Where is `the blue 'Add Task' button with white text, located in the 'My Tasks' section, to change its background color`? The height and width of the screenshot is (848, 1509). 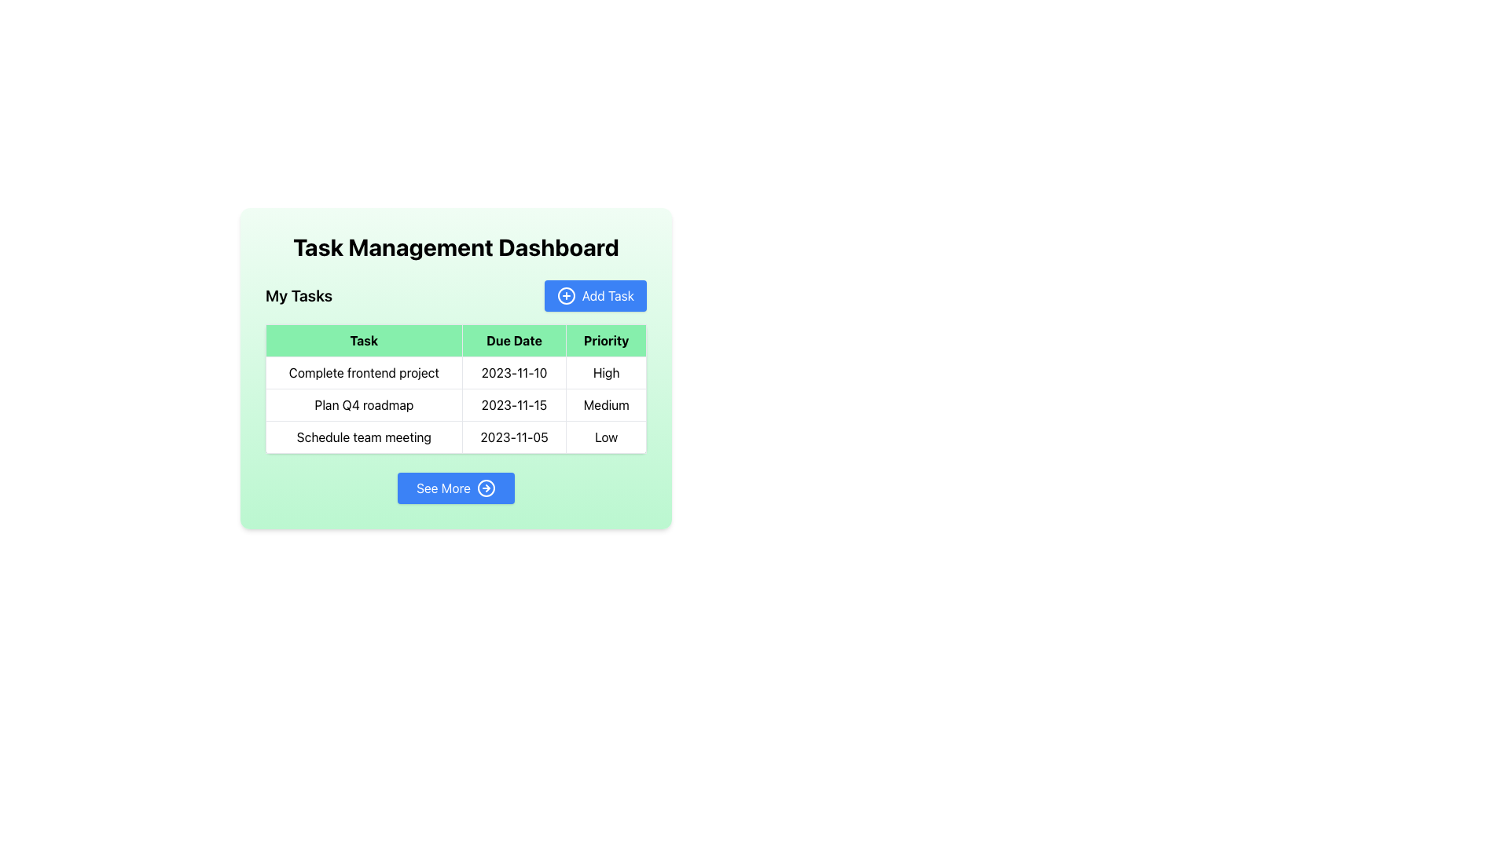
the blue 'Add Task' button with white text, located in the 'My Tasks' section, to change its background color is located at coordinates (594, 296).